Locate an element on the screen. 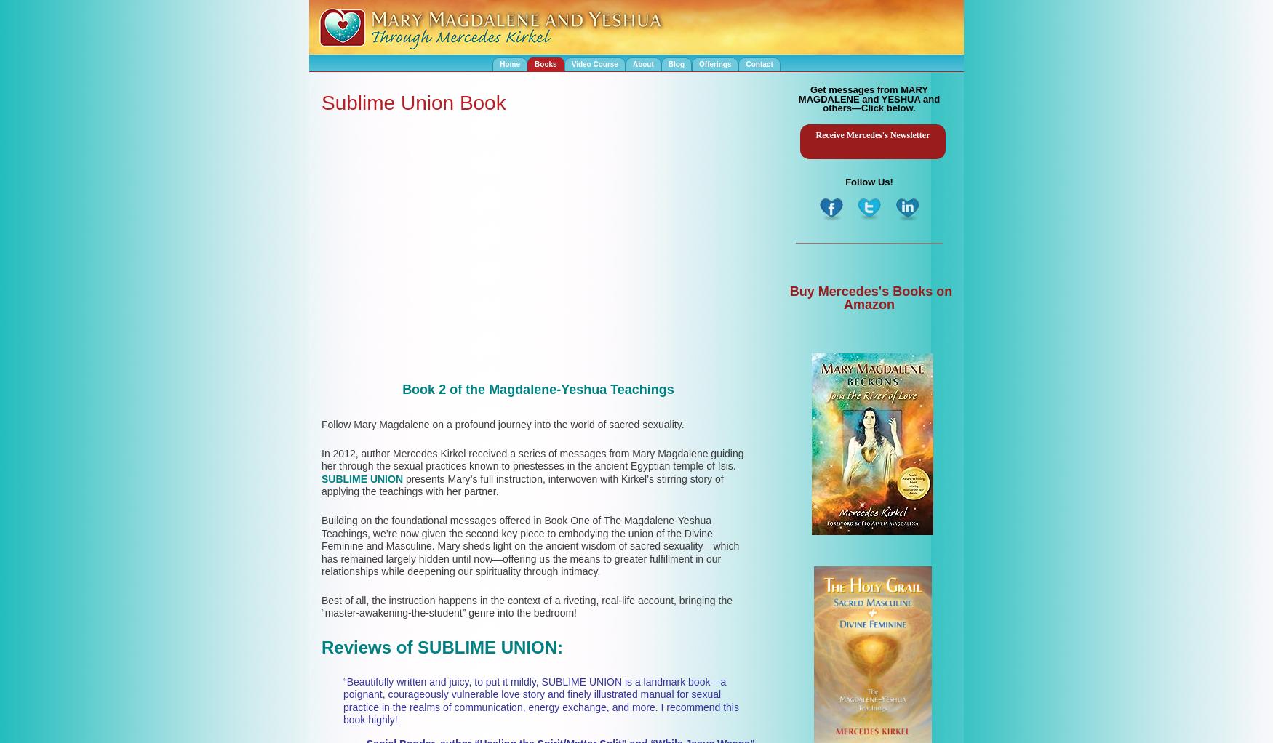  'Building on the foundational messages offered in Book One of The Magdalene-Yeshua Teachings, we’re now given the second key piece to embodying the union of the Divine Feminine and Masculine. Mary sheds light on the ancient wisdom of sacred sexuality—which has remained largely hidden until now—offering us the means to greater fulfillment in our relationships while deepening our spirituality through intimacy.' is located at coordinates (530, 545).